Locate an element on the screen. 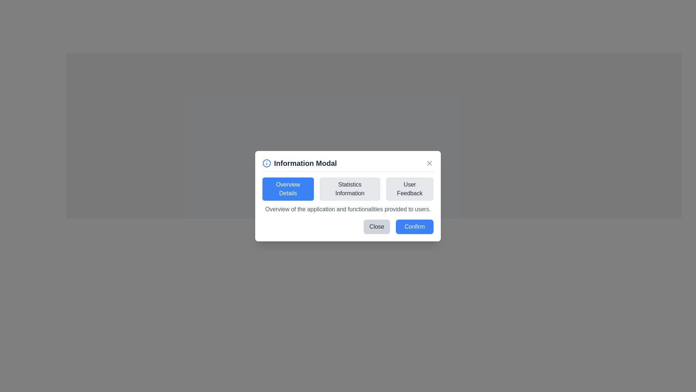 This screenshot has height=392, width=696. the 'Statistics Information' button, which is a rectangular button with a light grey background and darker grey text, located in the center of a row of three buttons within a modal window is located at coordinates (348, 188).